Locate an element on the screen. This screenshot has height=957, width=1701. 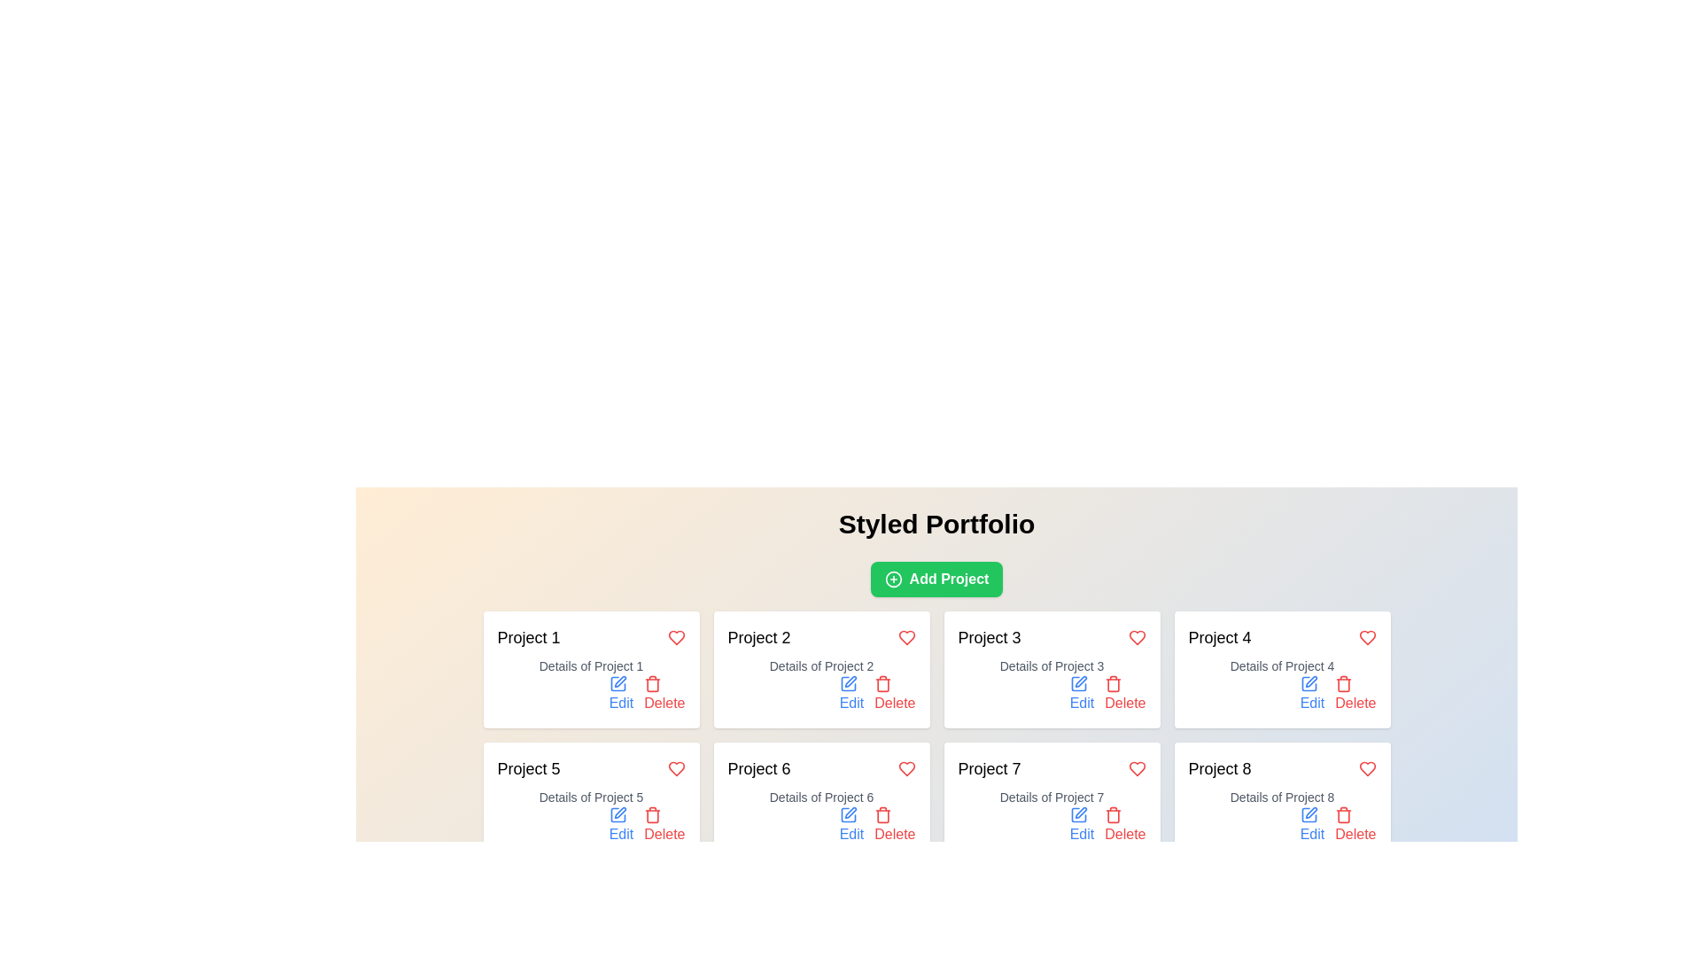
the text label that reads 'Details of Project 4', which is styled with a smaller font size and gray text, positioned within the card representing 'Project 4' is located at coordinates (1282, 666).